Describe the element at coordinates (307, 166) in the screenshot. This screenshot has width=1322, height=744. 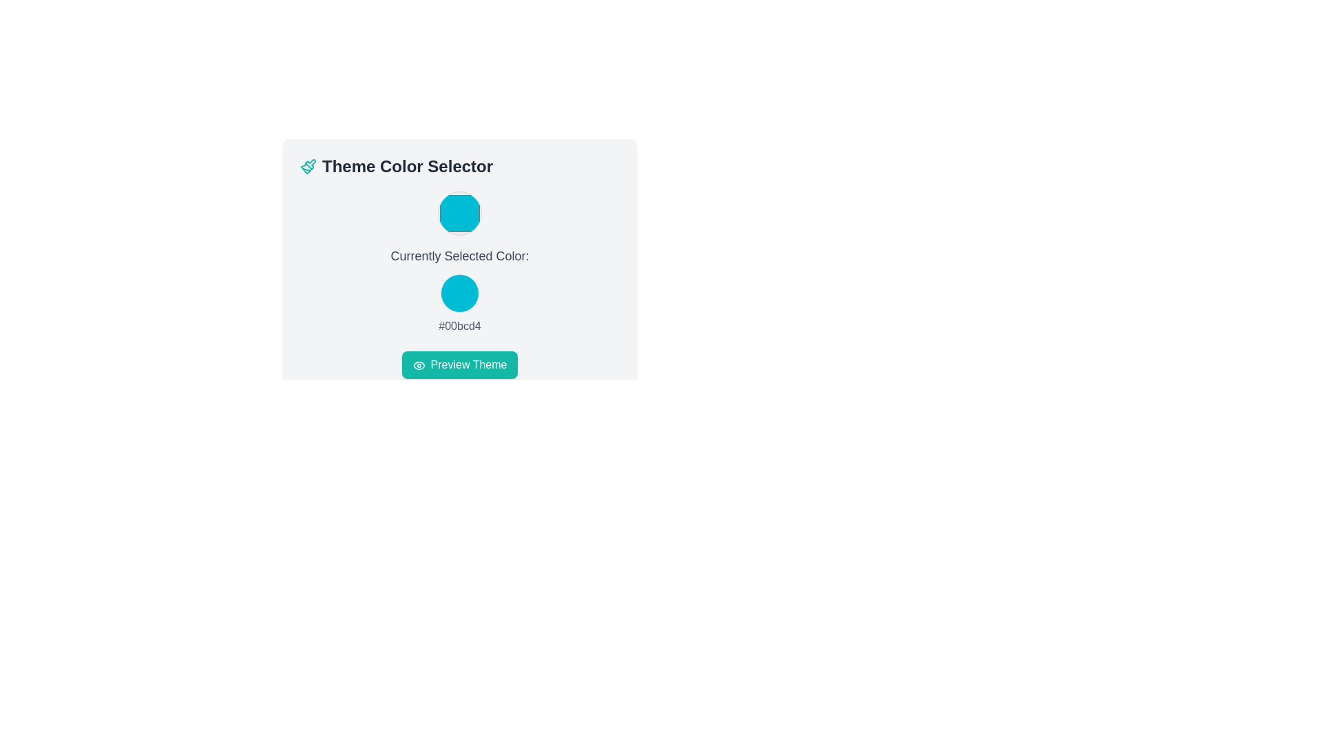
I see `the paintbrush icon located to the far left within the 'Theme Color Selector' section` at that location.